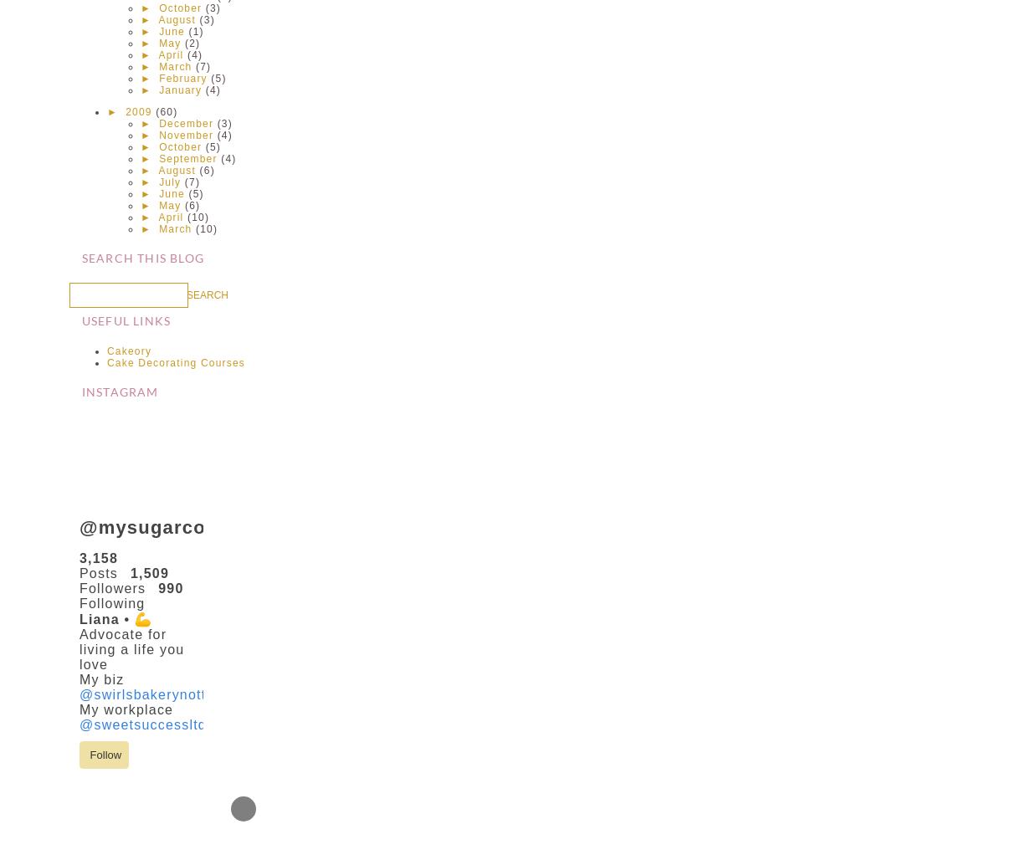 This screenshot has height=865, width=1011. Describe the element at coordinates (78, 709) in the screenshot. I see `'My workplace'` at that location.